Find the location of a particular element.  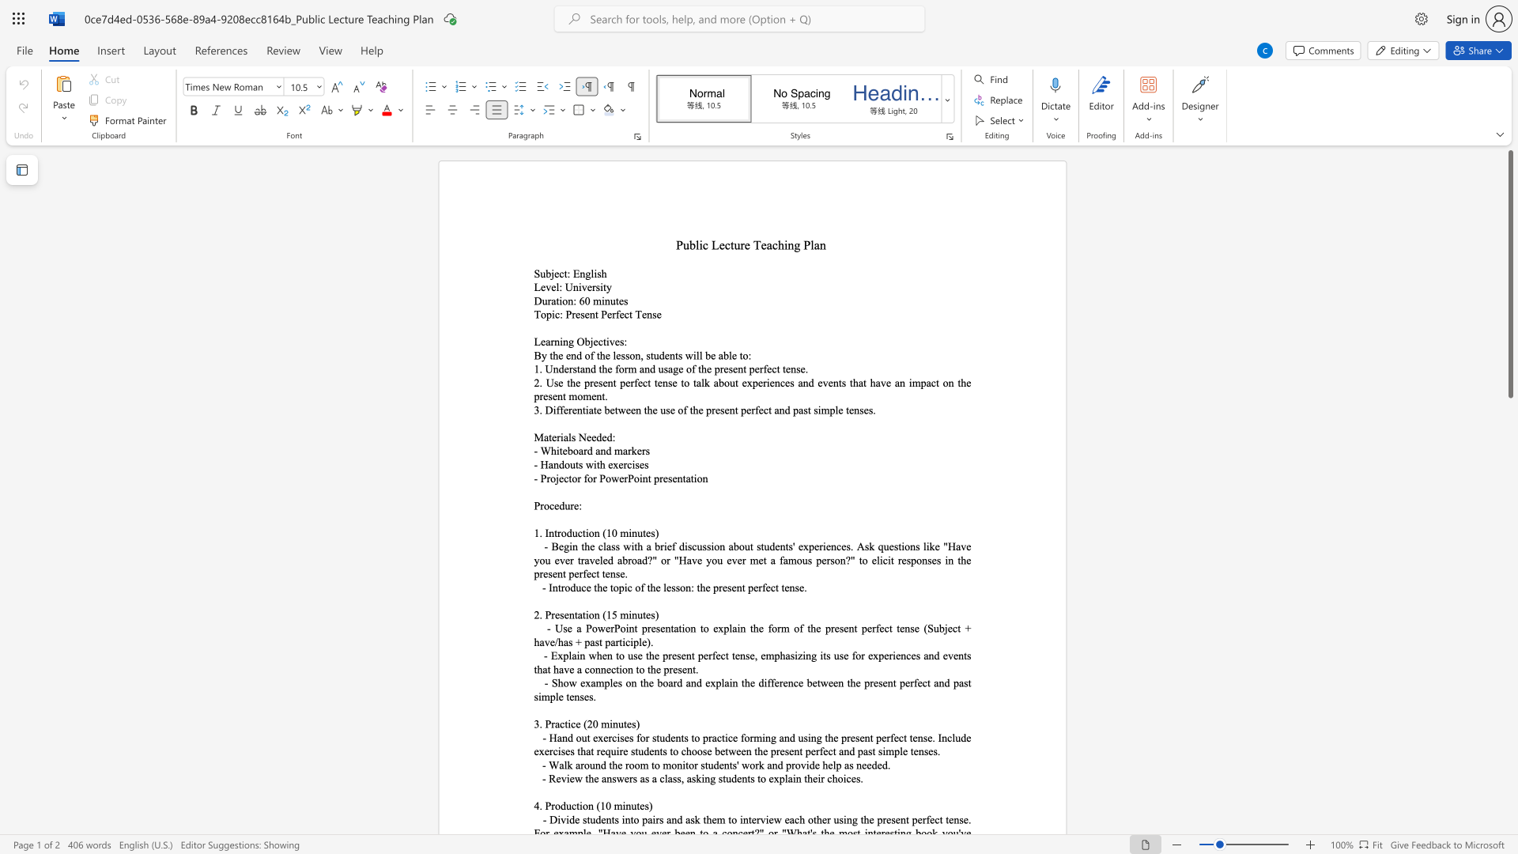

the 1th character "t" in the text is located at coordinates (603, 341).